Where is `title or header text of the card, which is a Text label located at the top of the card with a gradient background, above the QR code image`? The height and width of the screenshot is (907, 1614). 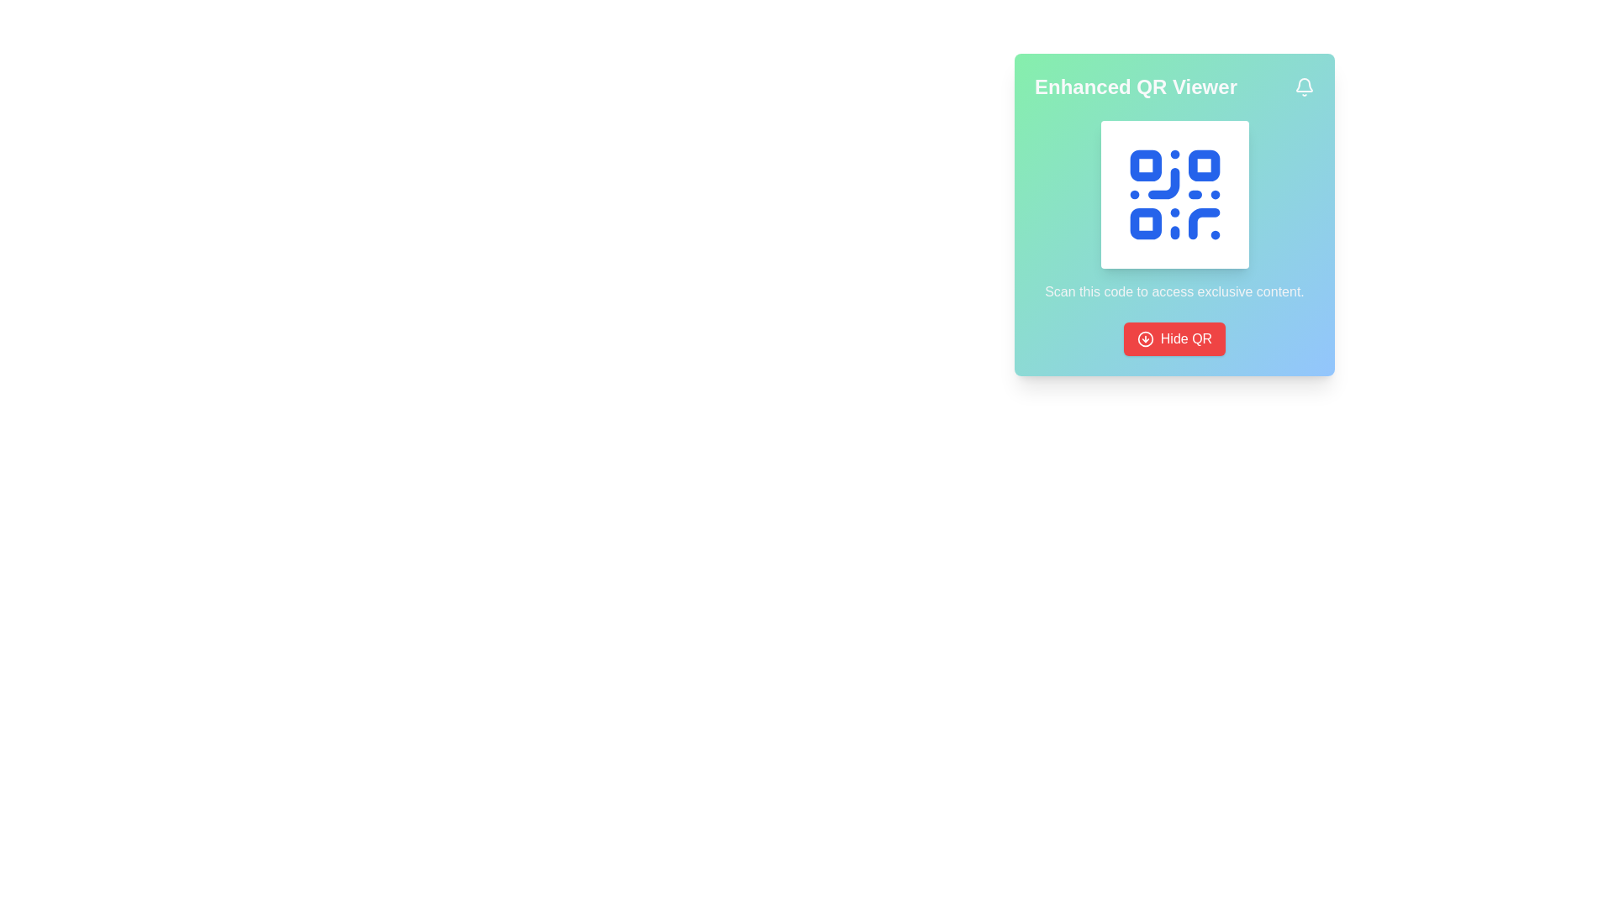 title or header text of the card, which is a Text label located at the top of the card with a gradient background, above the QR code image is located at coordinates (1174, 87).